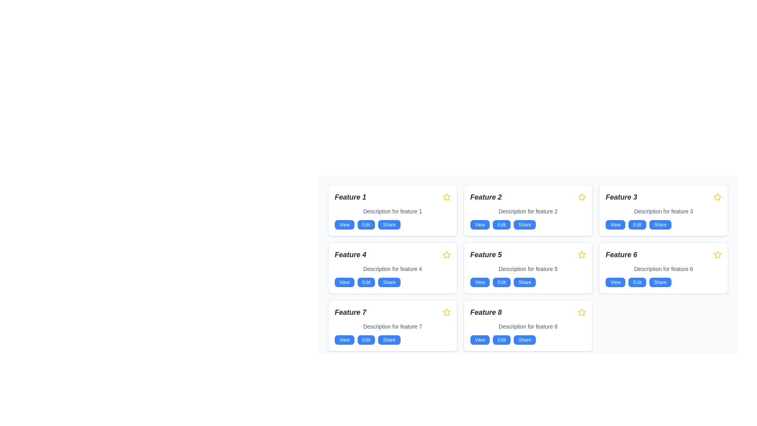 This screenshot has width=757, height=426. What do you see at coordinates (663, 210) in the screenshot?
I see `the 'Share' button on the Card showcasing details about 'Feature 3', located in the rightmost column of the second row in a grid layout` at bounding box center [663, 210].